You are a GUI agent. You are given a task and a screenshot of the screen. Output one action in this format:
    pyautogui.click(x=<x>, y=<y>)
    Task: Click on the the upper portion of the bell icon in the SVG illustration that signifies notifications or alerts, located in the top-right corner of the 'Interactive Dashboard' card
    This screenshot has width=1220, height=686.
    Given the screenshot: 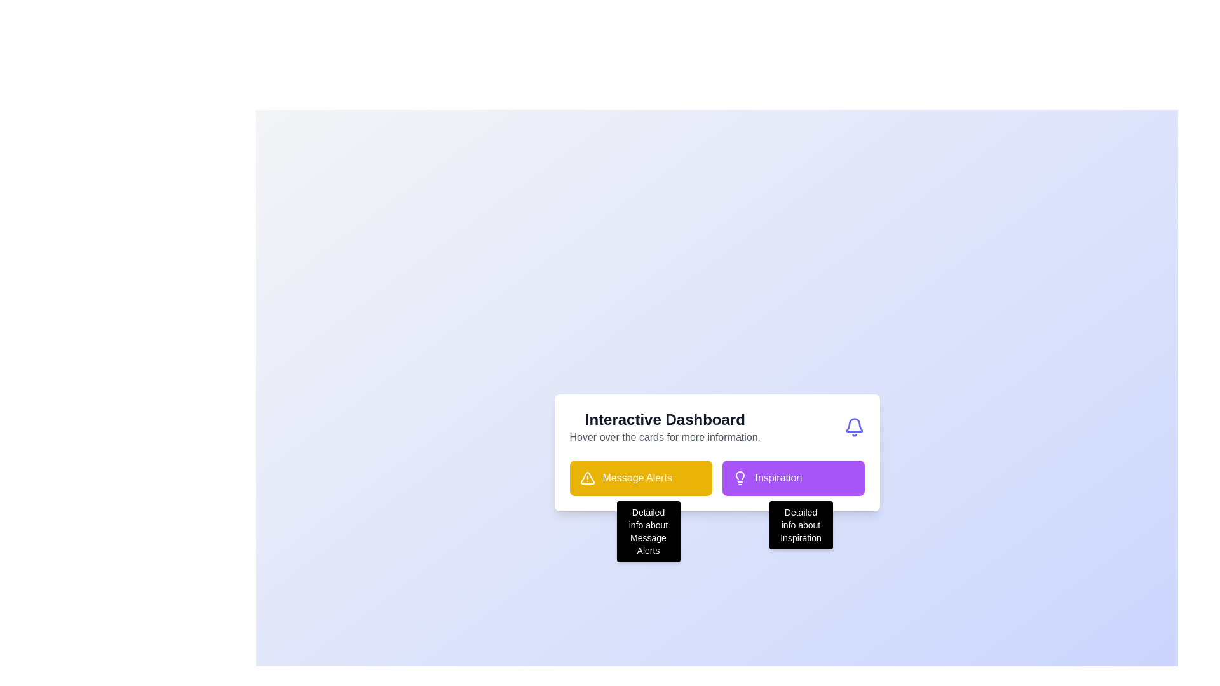 What is the action you would take?
    pyautogui.click(x=854, y=425)
    